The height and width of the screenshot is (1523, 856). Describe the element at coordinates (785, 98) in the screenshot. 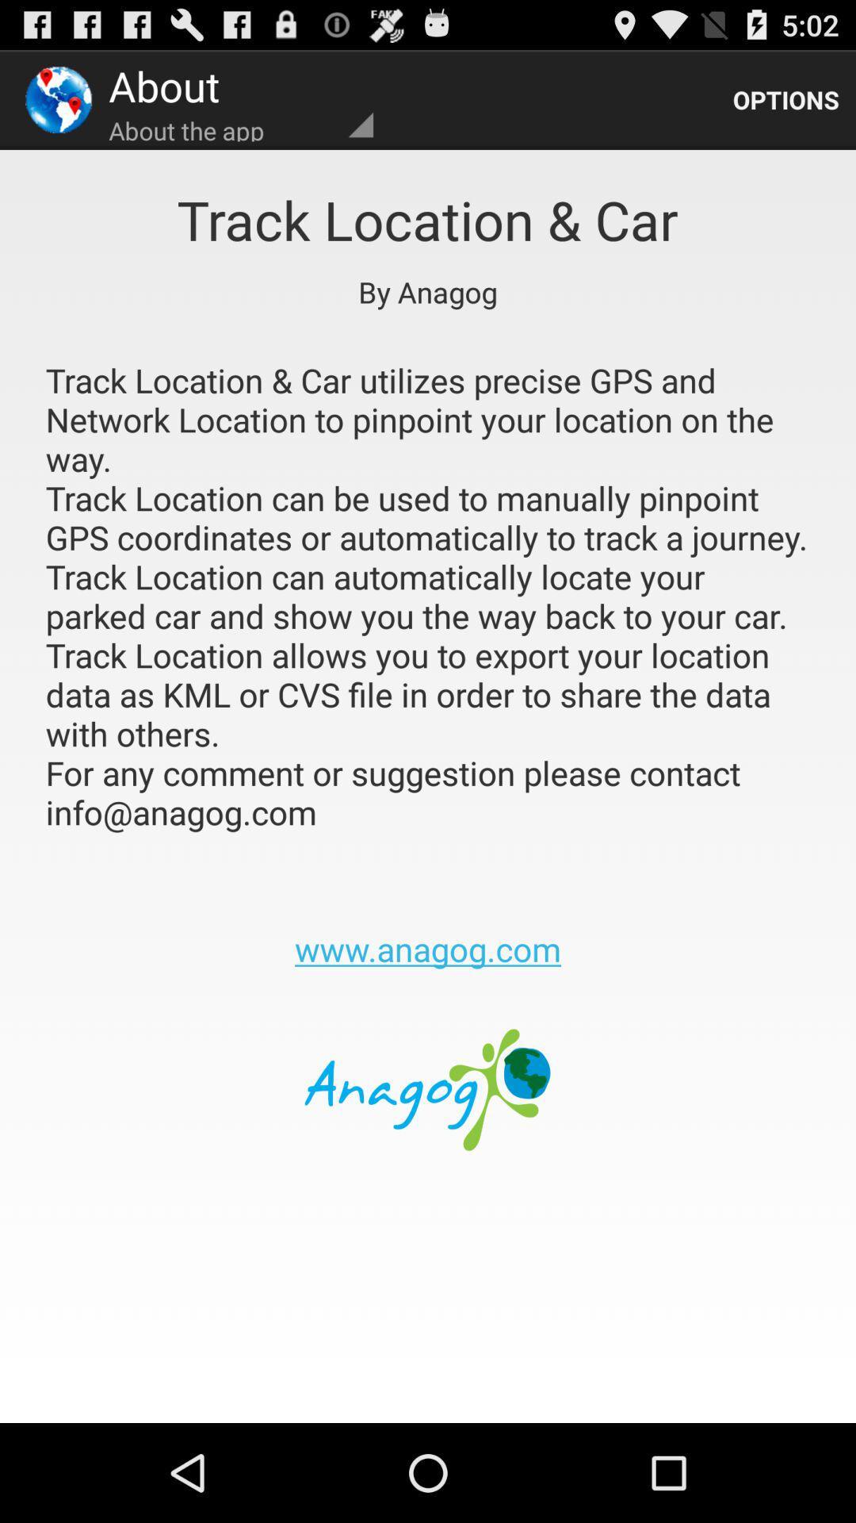

I see `the app next to the about the app app` at that location.